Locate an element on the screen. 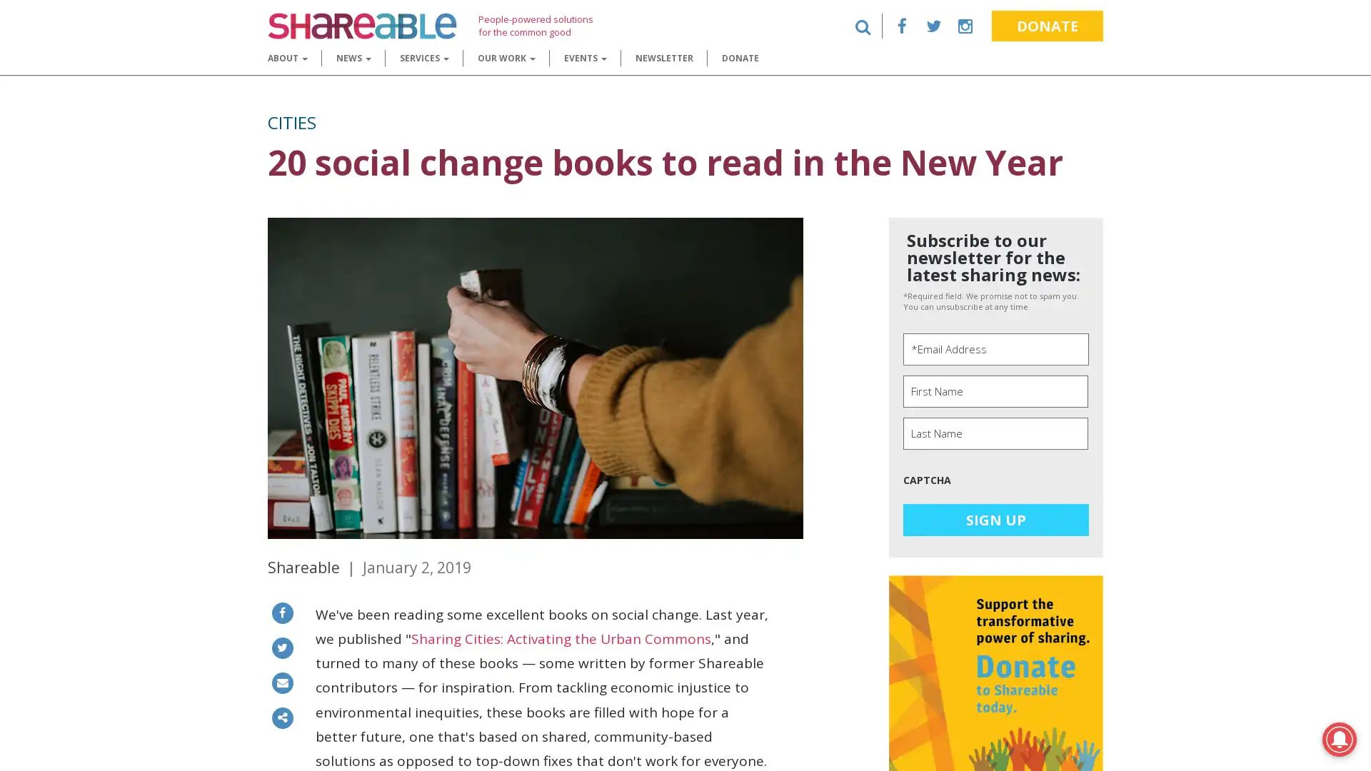  Sign Up is located at coordinates (995, 519).